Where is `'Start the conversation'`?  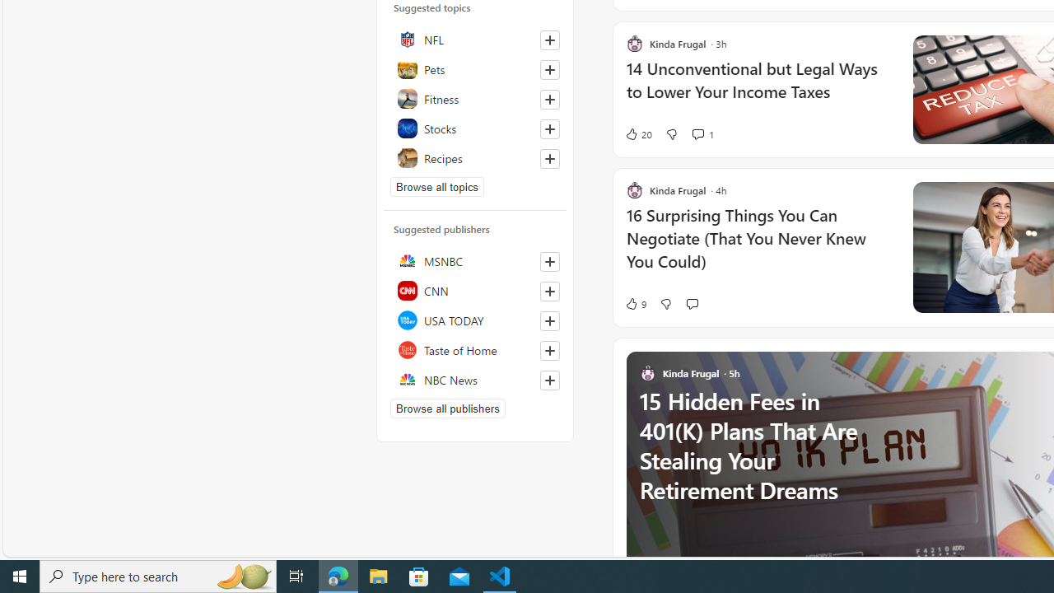
'Start the conversation' is located at coordinates (692, 303).